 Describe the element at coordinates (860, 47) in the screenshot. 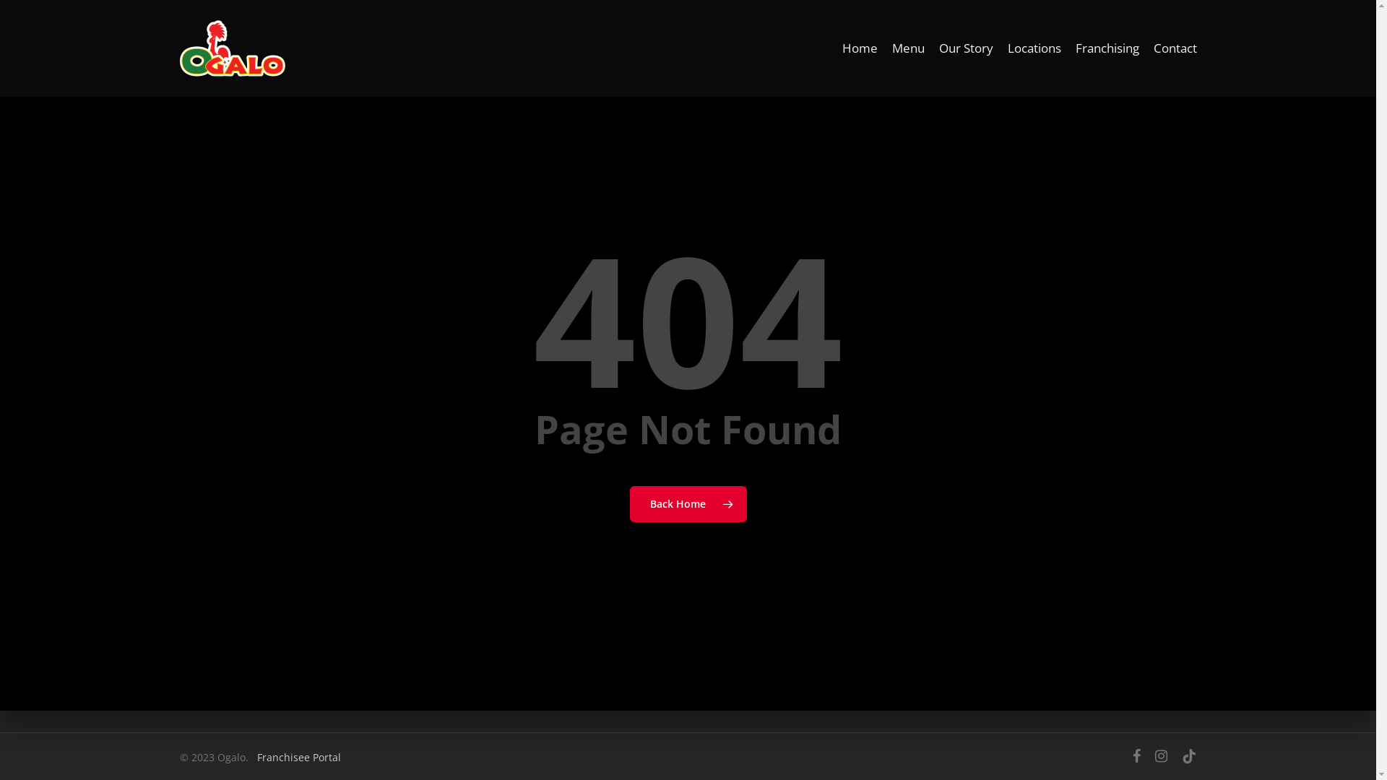

I see `'Home'` at that location.